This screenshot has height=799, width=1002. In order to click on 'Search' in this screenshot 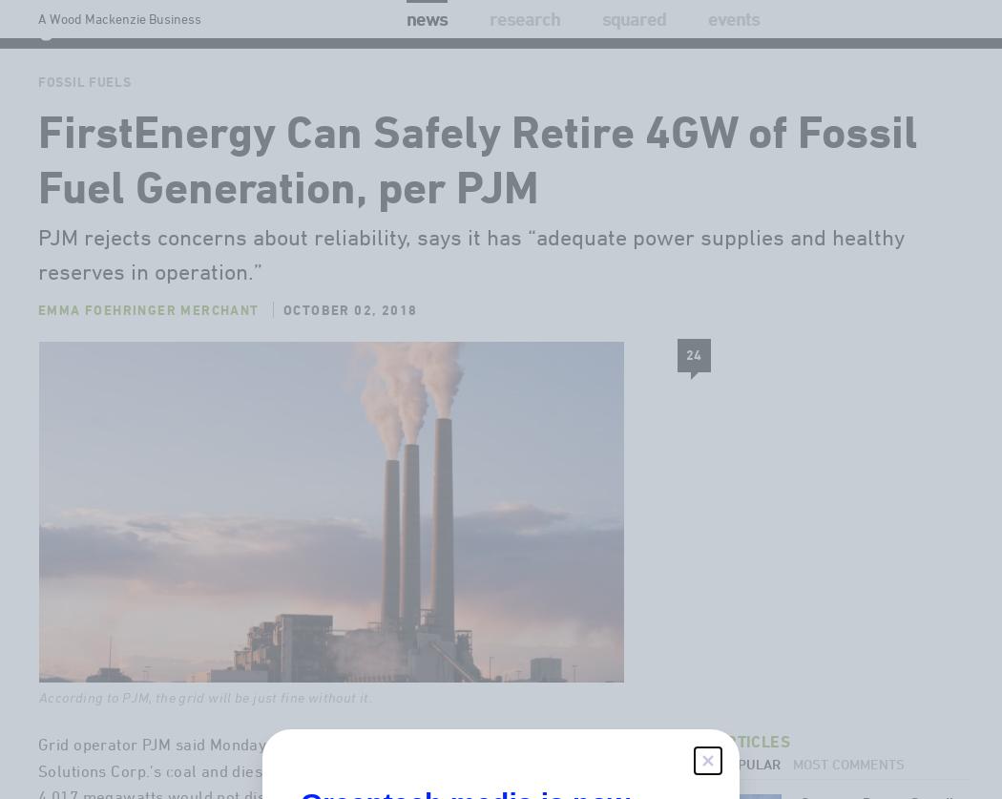, I will do `click(880, 62)`.